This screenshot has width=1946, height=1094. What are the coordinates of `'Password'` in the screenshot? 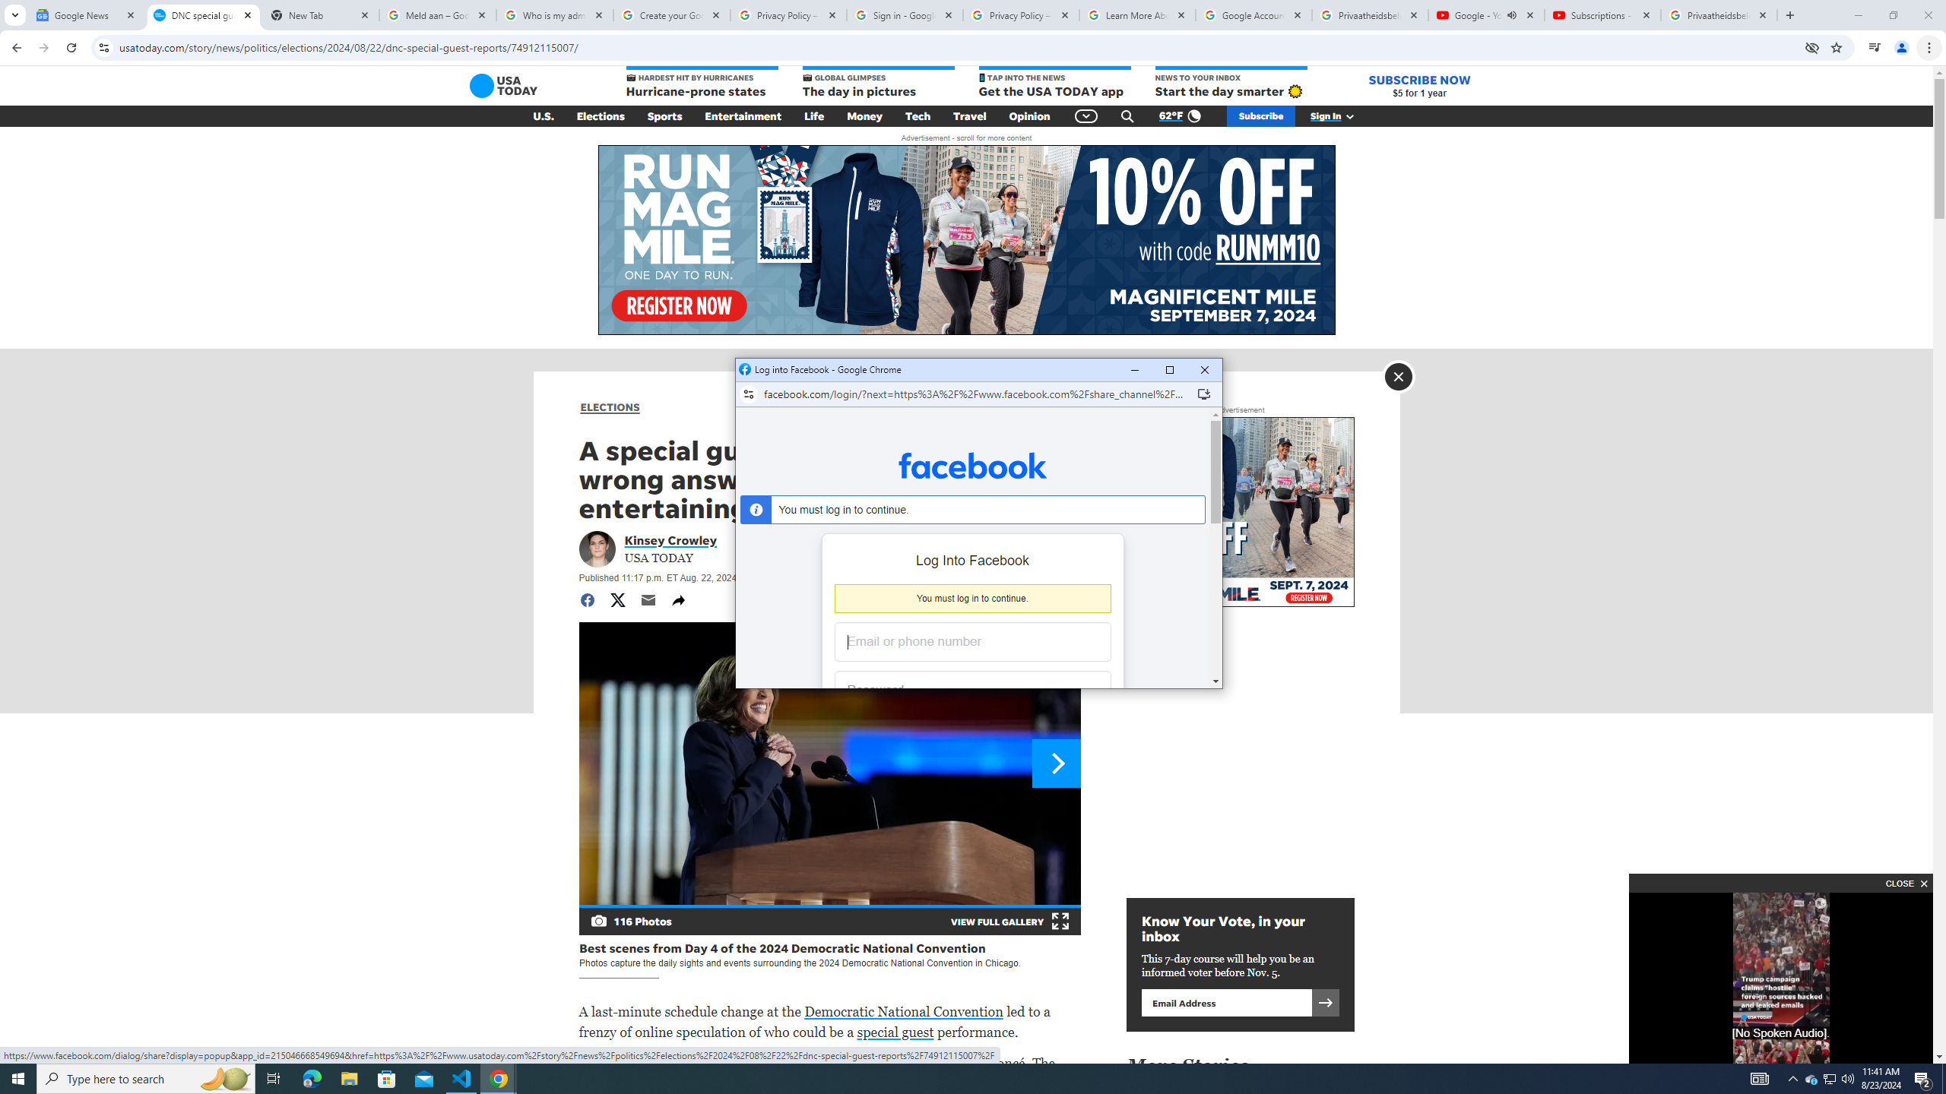 It's located at (960, 691).